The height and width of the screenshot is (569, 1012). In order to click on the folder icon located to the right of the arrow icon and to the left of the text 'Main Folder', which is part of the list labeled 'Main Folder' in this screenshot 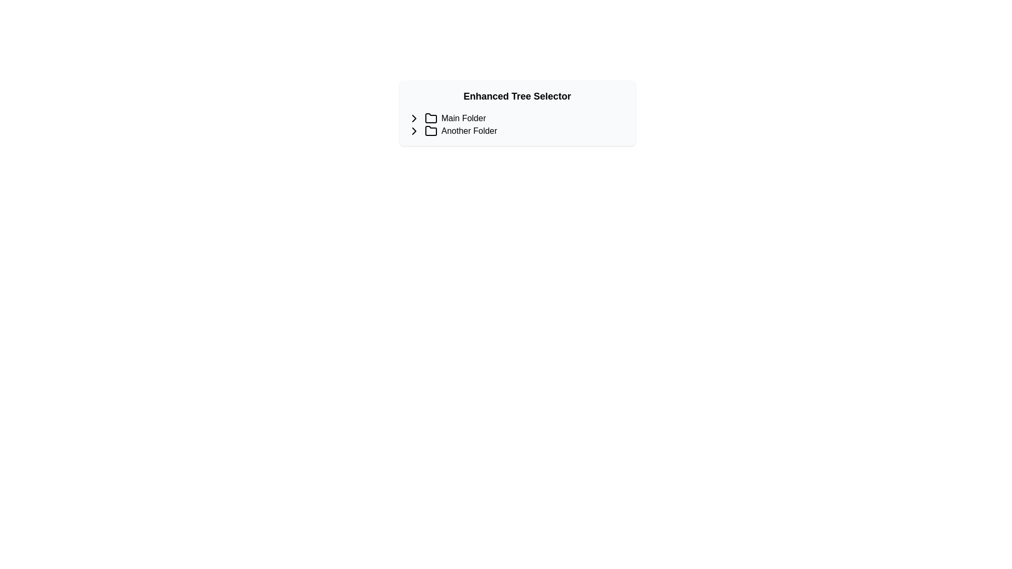, I will do `click(431, 118)`.